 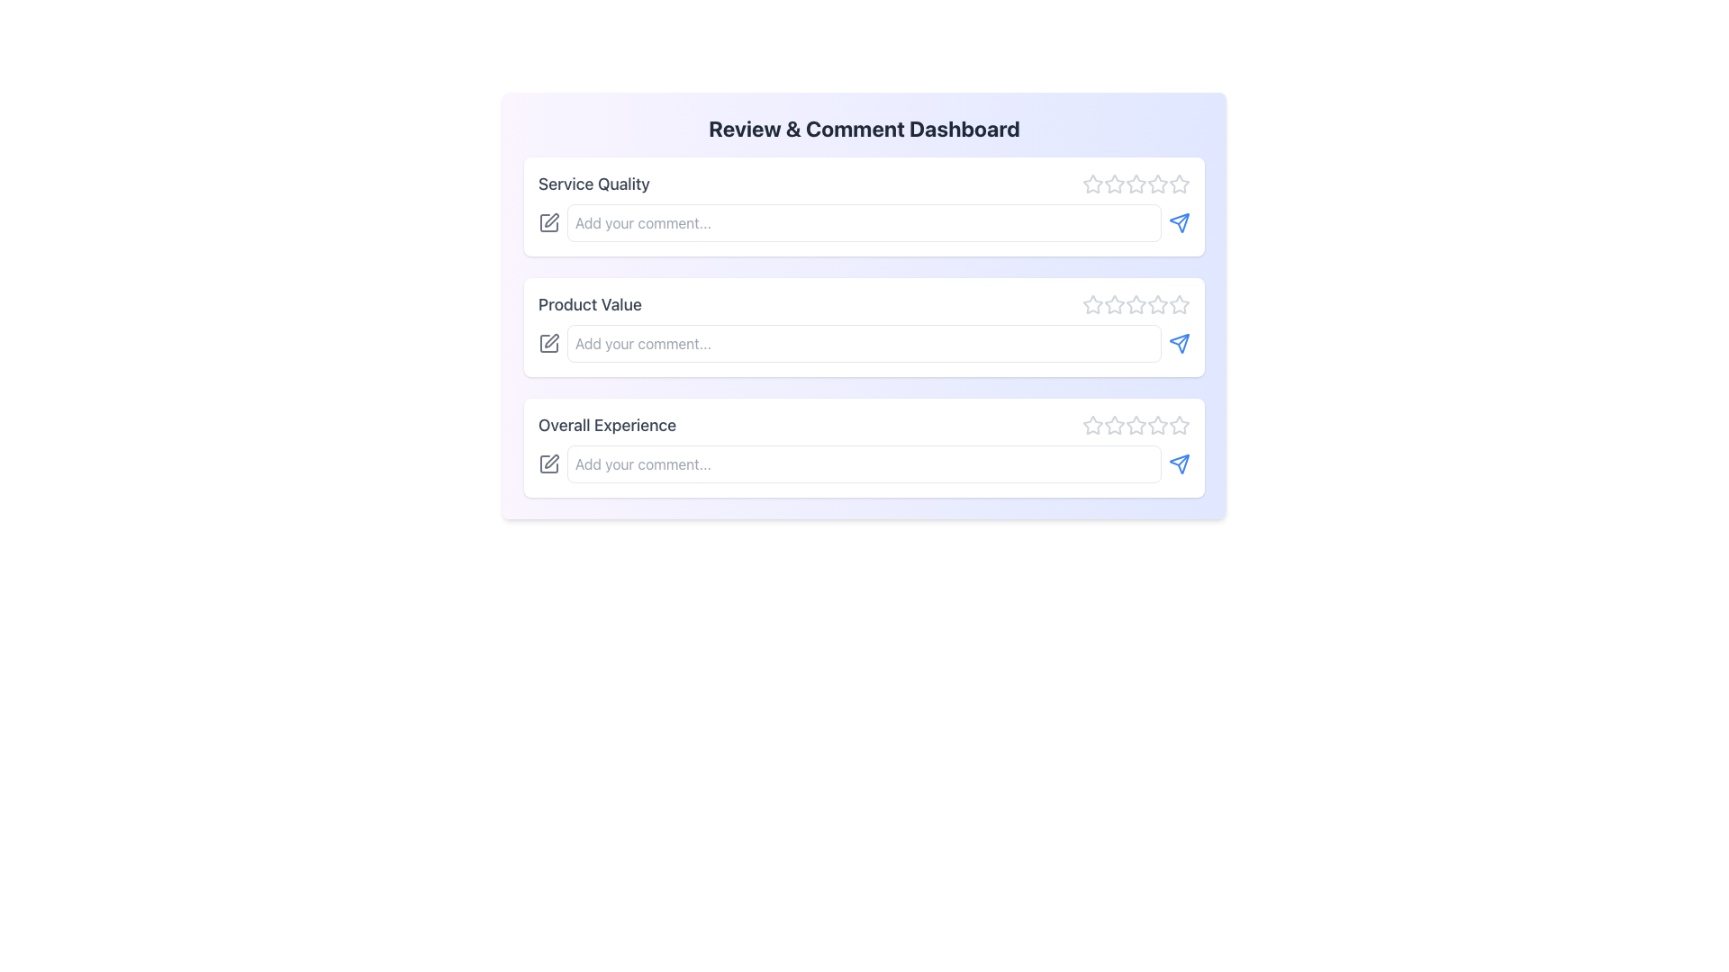 What do you see at coordinates (1158, 425) in the screenshot?
I see `the fourth star button in the rating system for 'Overall Experience' to select the fourth rating level` at bounding box center [1158, 425].